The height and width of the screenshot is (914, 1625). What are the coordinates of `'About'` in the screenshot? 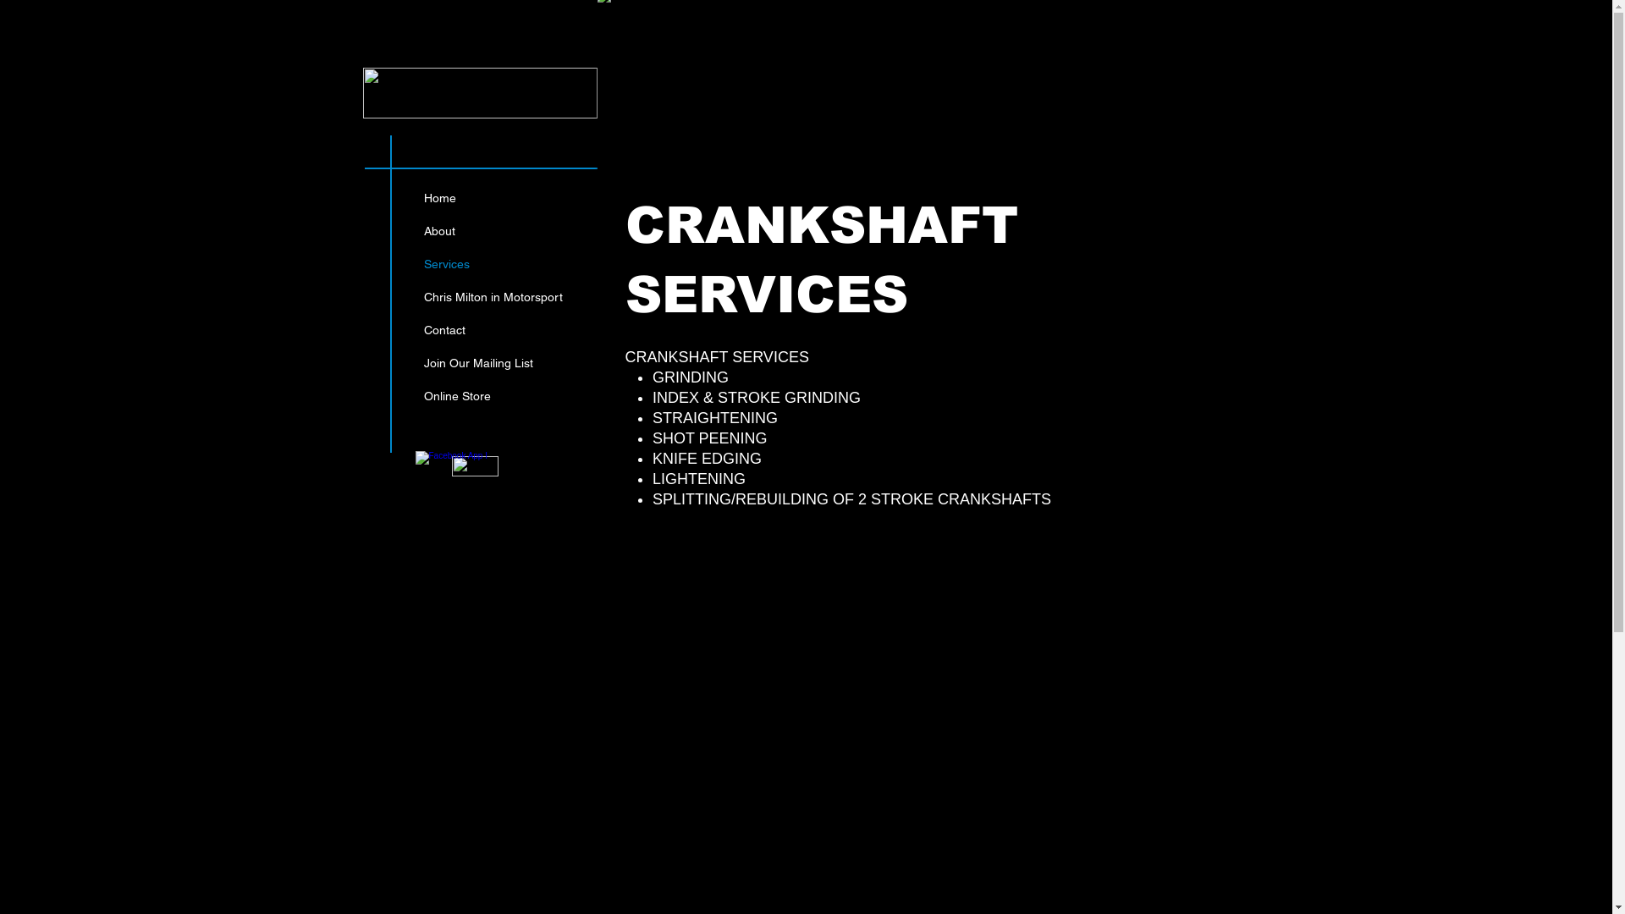 It's located at (414, 231).